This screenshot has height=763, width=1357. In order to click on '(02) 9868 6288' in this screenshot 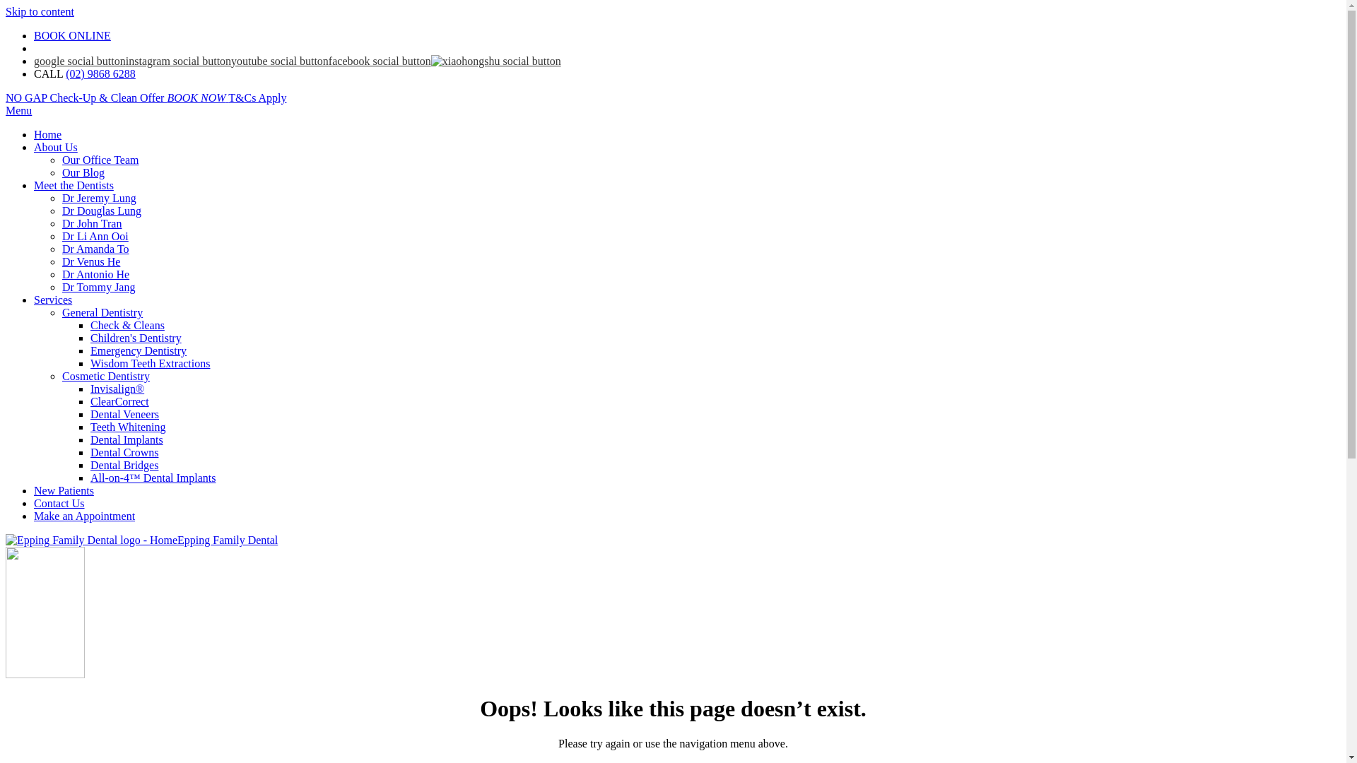, I will do `click(100, 73)`.